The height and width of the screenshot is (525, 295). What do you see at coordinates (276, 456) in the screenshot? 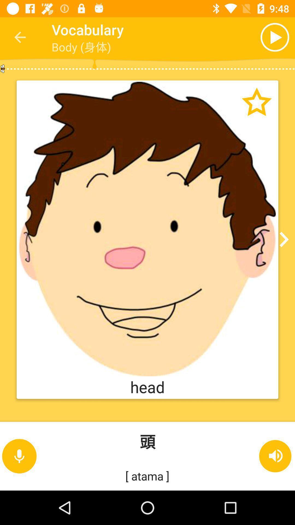
I see `the volume icon` at bounding box center [276, 456].